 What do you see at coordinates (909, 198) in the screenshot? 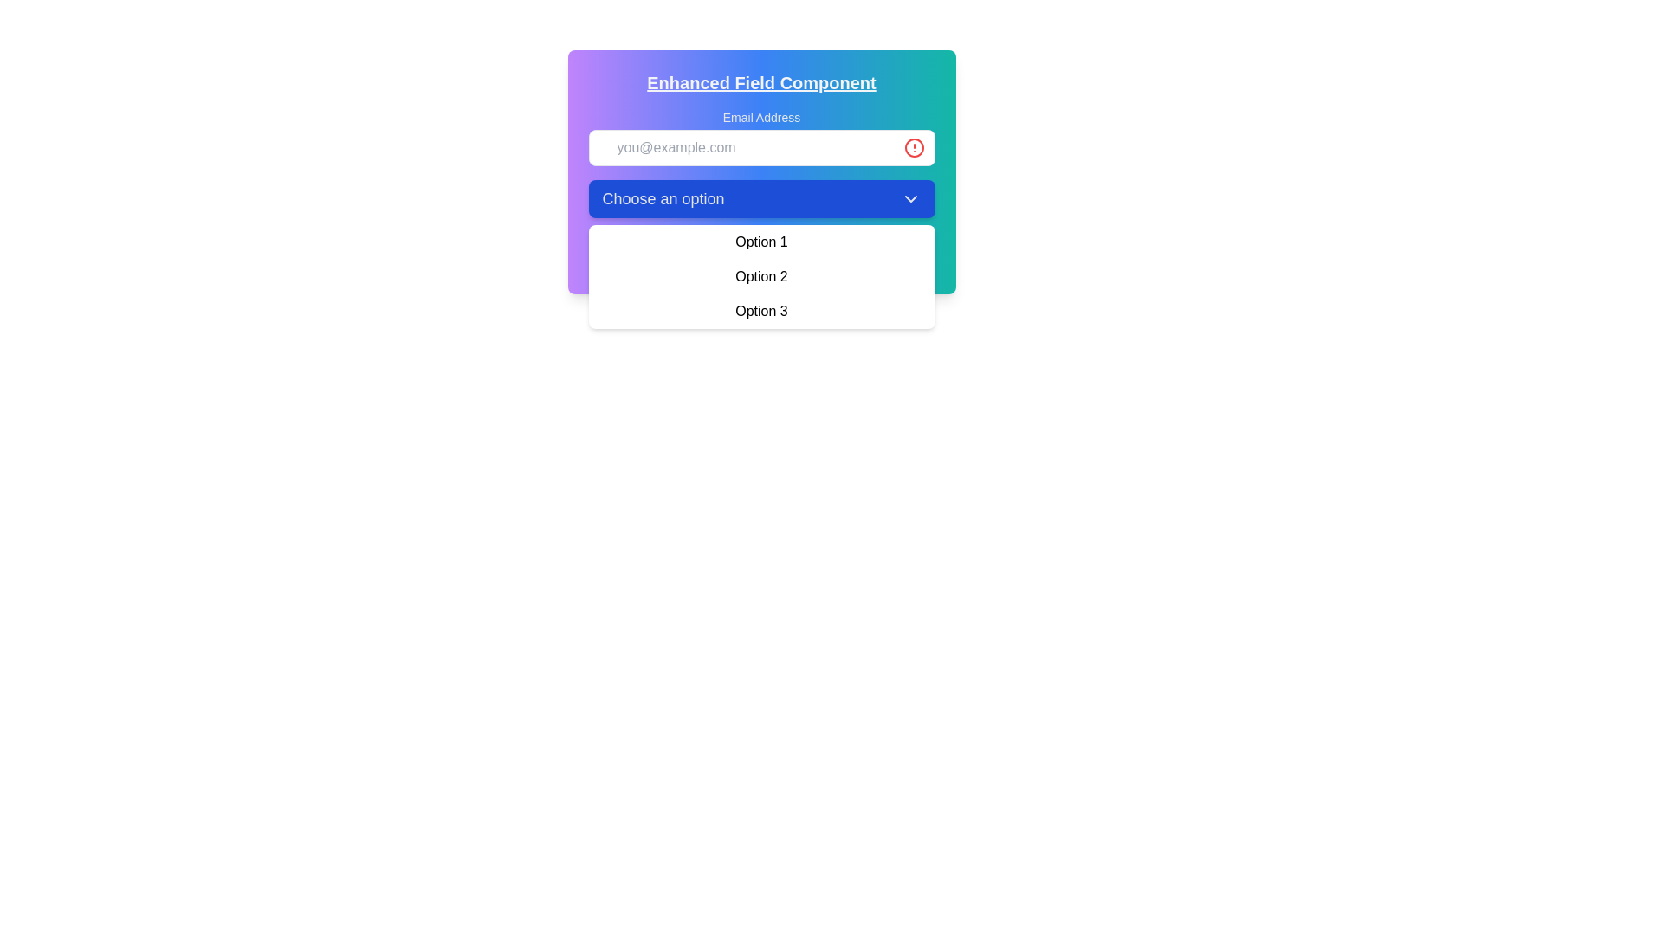
I see `the chevron icon located at the rightmost part of the blue button labeled 'Choose an option'` at bounding box center [909, 198].